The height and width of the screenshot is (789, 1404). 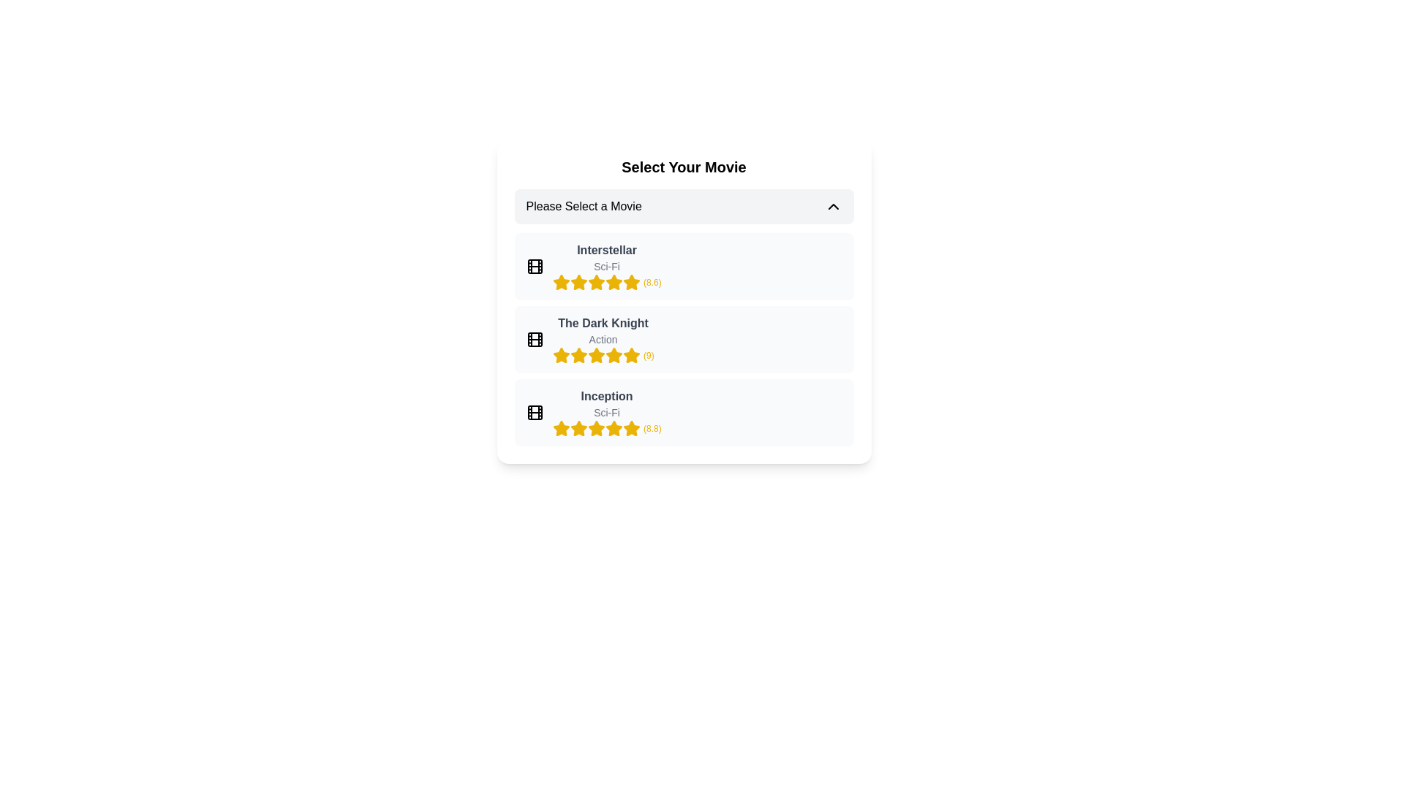 What do you see at coordinates (578, 282) in the screenshot?
I see `the fourth star icon` at bounding box center [578, 282].